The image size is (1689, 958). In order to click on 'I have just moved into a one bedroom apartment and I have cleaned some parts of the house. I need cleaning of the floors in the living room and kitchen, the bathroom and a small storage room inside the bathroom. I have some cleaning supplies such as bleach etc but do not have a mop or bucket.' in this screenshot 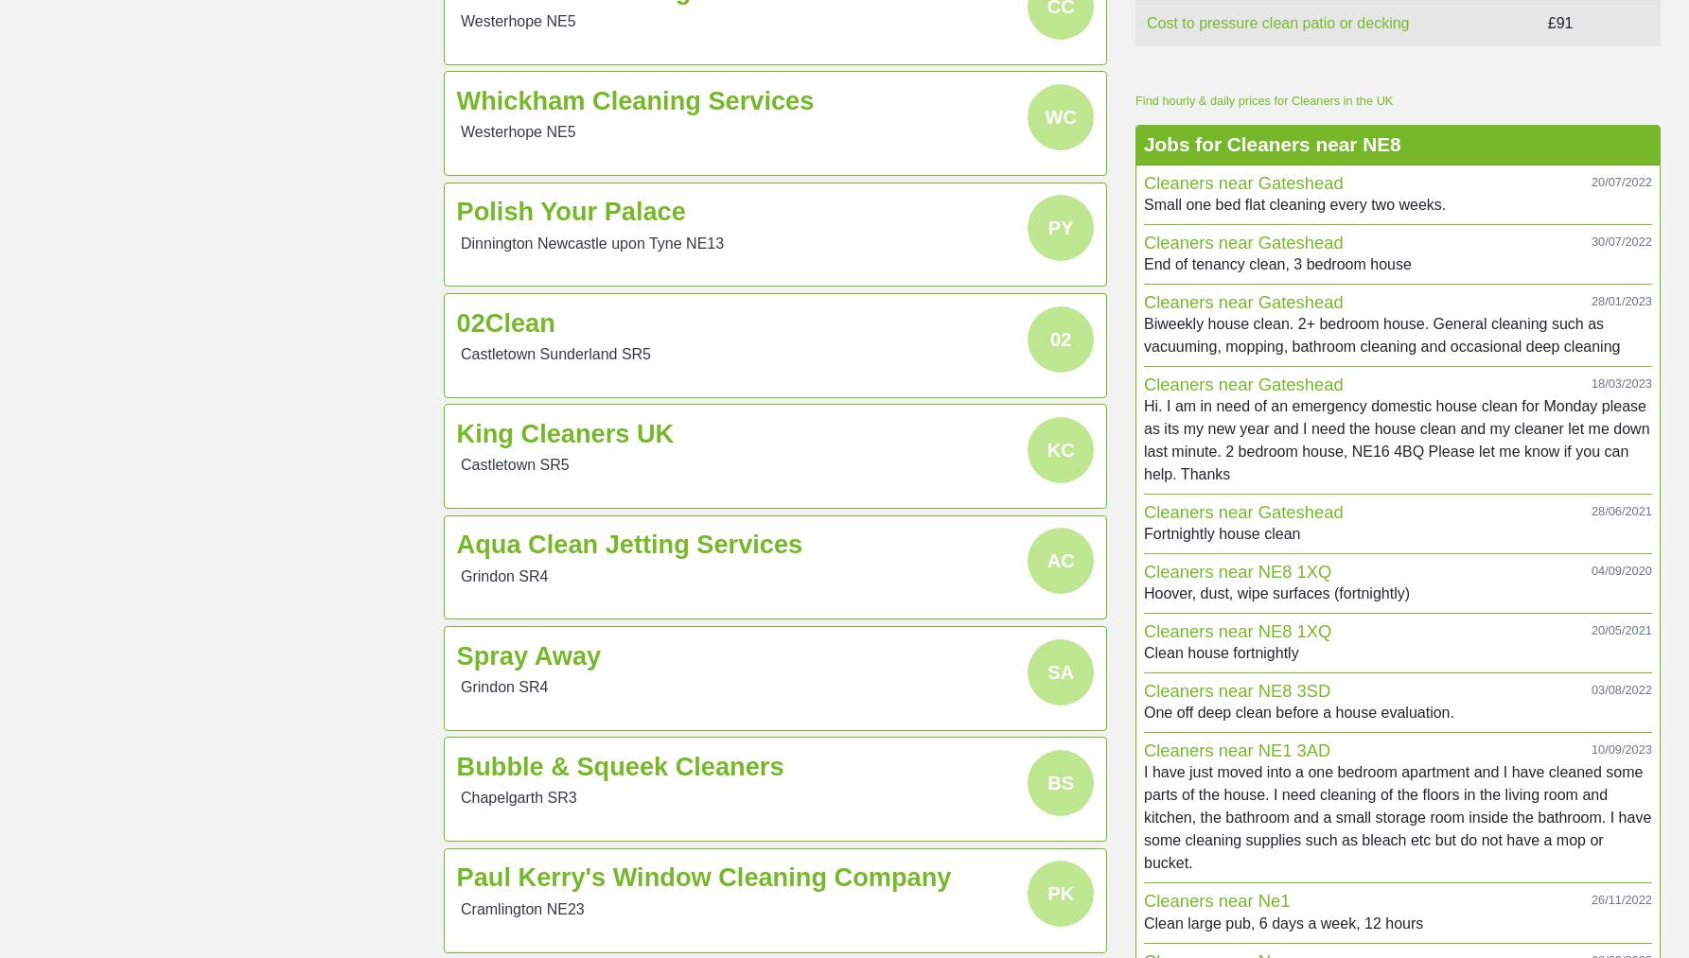, I will do `click(1397, 816)`.